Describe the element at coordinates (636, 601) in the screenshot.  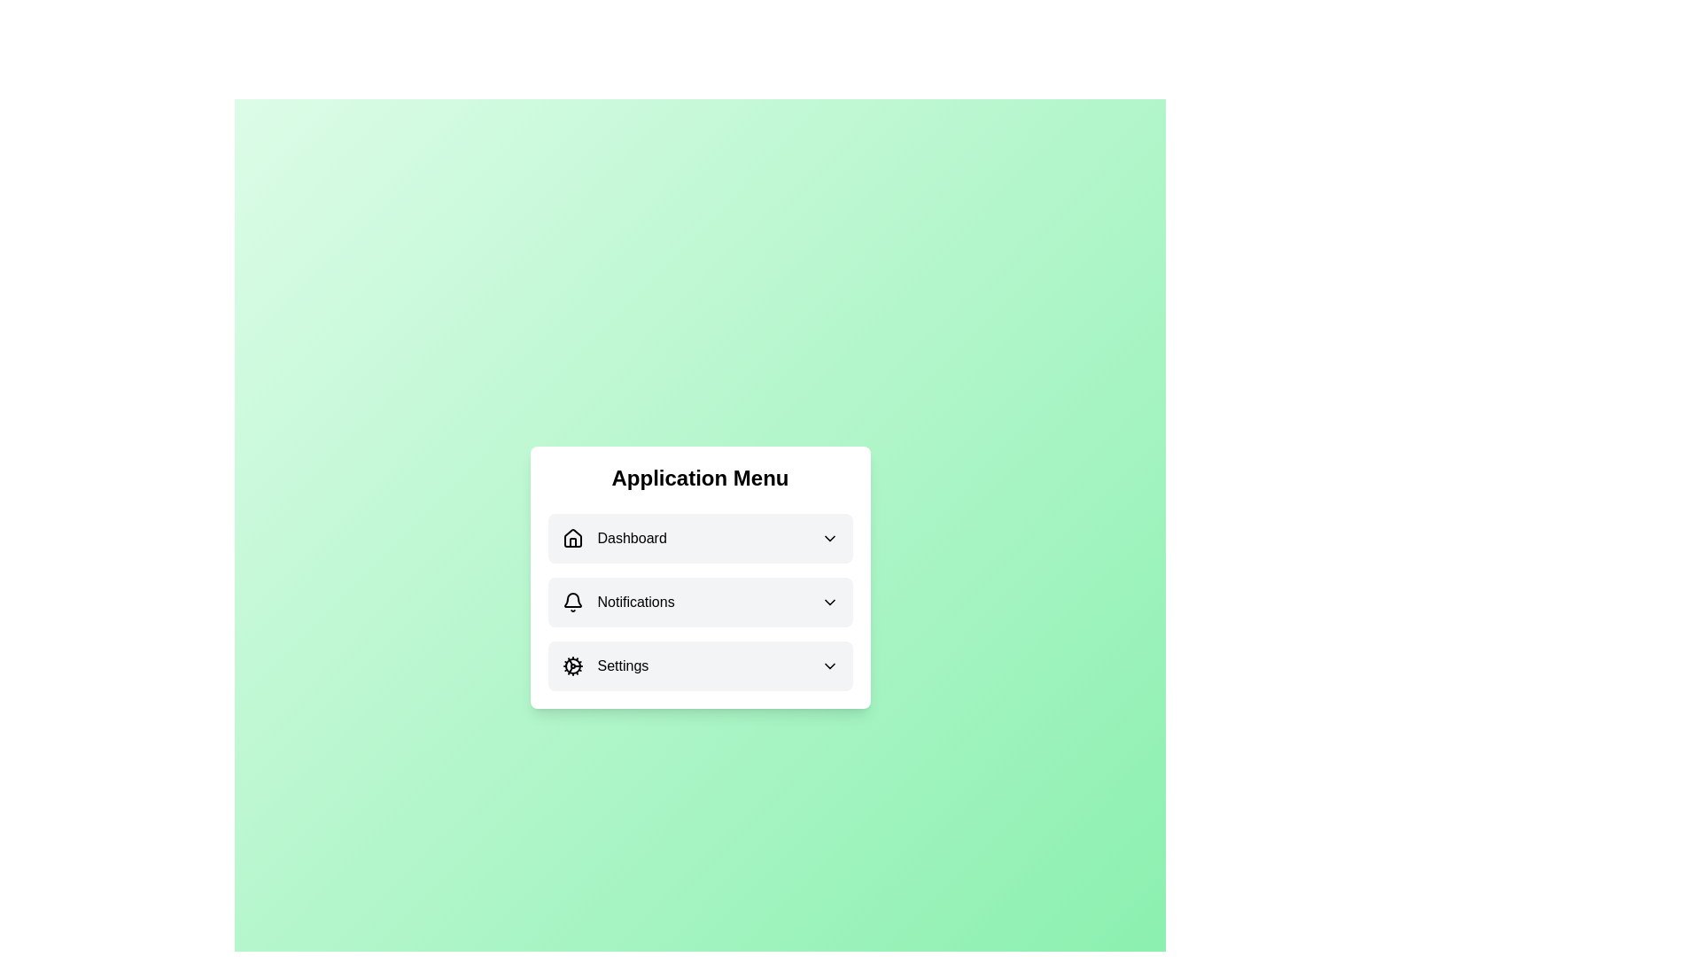
I see `label text of the 'Notifications' text label which is part of the vertical menu layout and is positioned to the right of the bell icon` at that location.